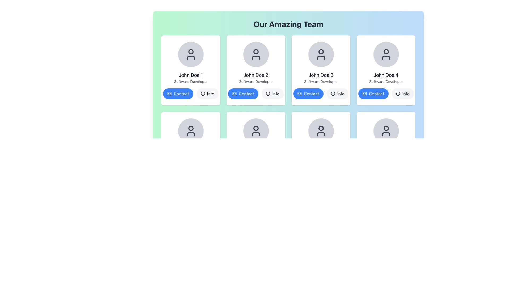  Describe the element at coordinates (256, 128) in the screenshot. I see `the decorative circular graphical element representing a user profile, located in the second row and fourth column of the team section` at that location.